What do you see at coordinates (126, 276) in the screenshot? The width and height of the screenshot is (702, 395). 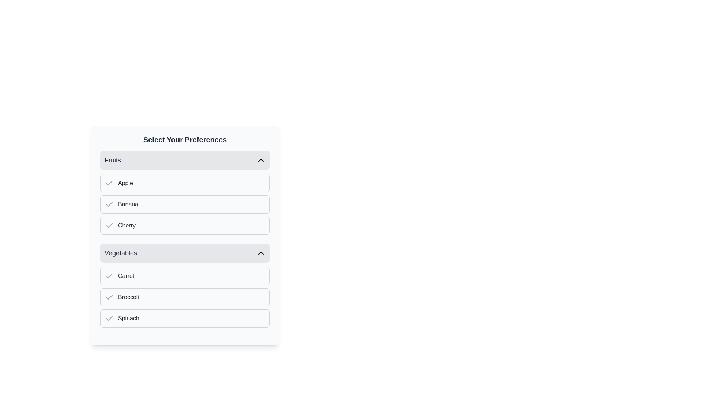 I see `the text content of the 'Carrot' label in the 'Vegetables' group, which is positioned next to a checkmark icon and before 'Broccoli' and 'Spinach'` at bounding box center [126, 276].